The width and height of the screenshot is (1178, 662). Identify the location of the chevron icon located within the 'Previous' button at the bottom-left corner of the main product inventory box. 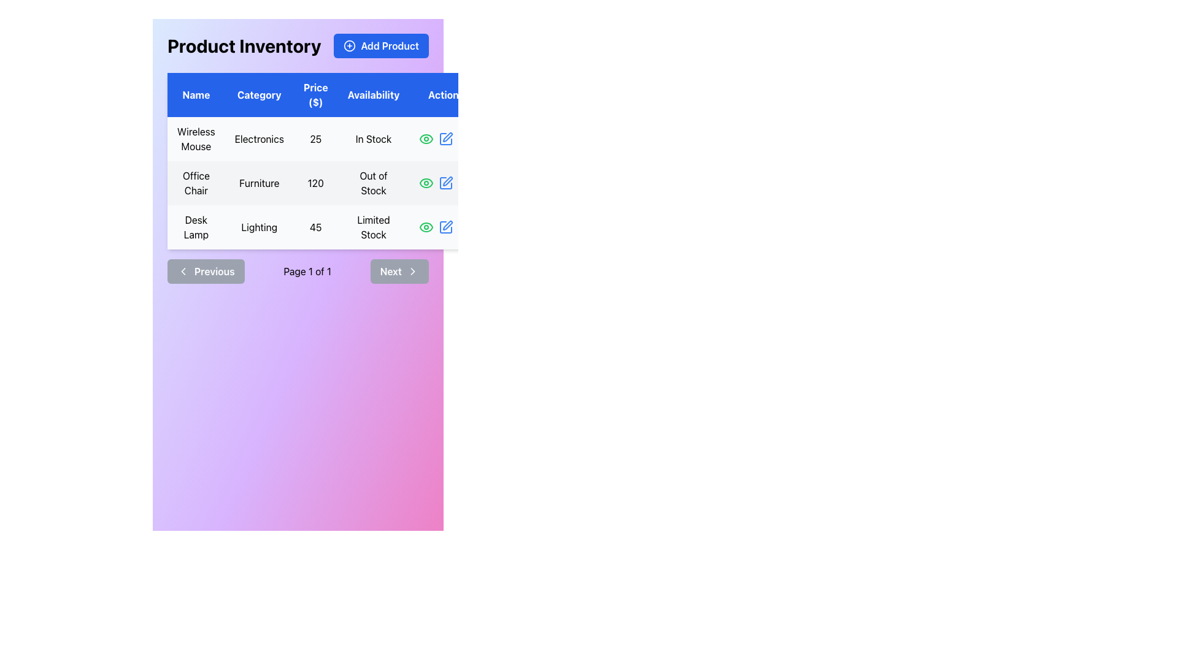
(182, 271).